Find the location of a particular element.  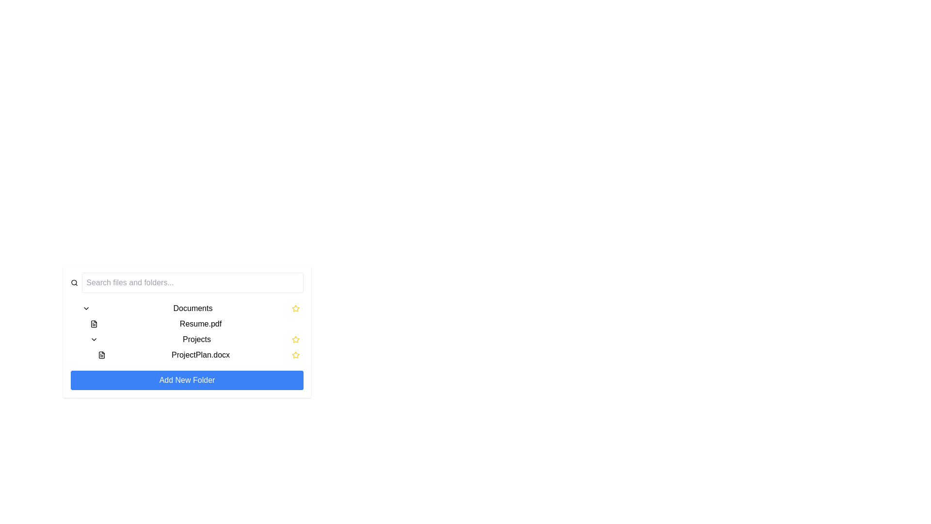

the text entry in the File Explorer Section is located at coordinates (187, 331).